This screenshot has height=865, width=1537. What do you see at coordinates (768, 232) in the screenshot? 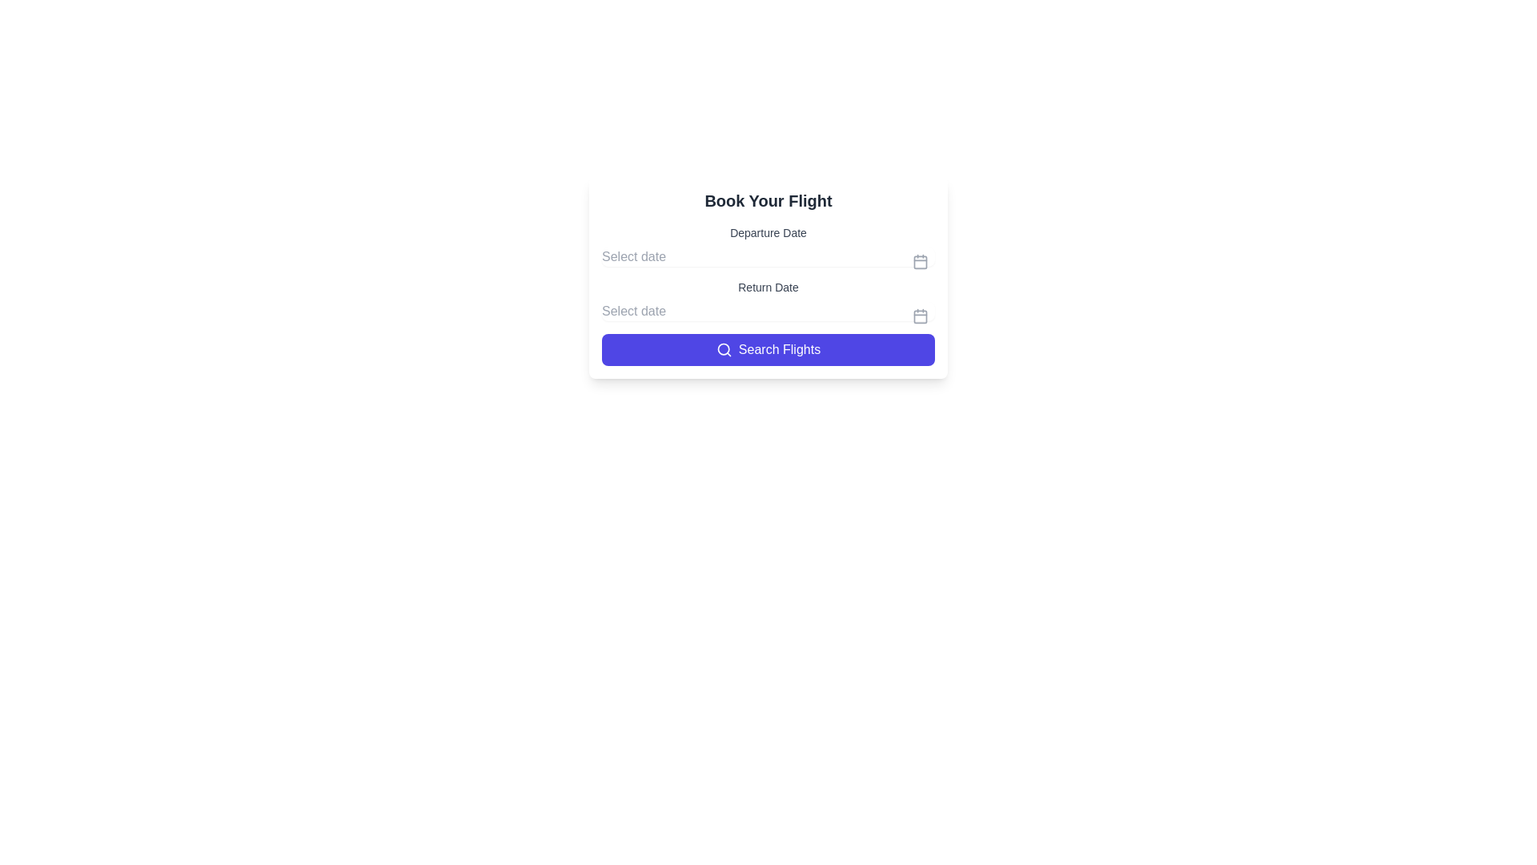
I see `label 'Departure Date' which is a text label styled with a small font size and medium font weight, located at the top of the date-picker section` at bounding box center [768, 232].